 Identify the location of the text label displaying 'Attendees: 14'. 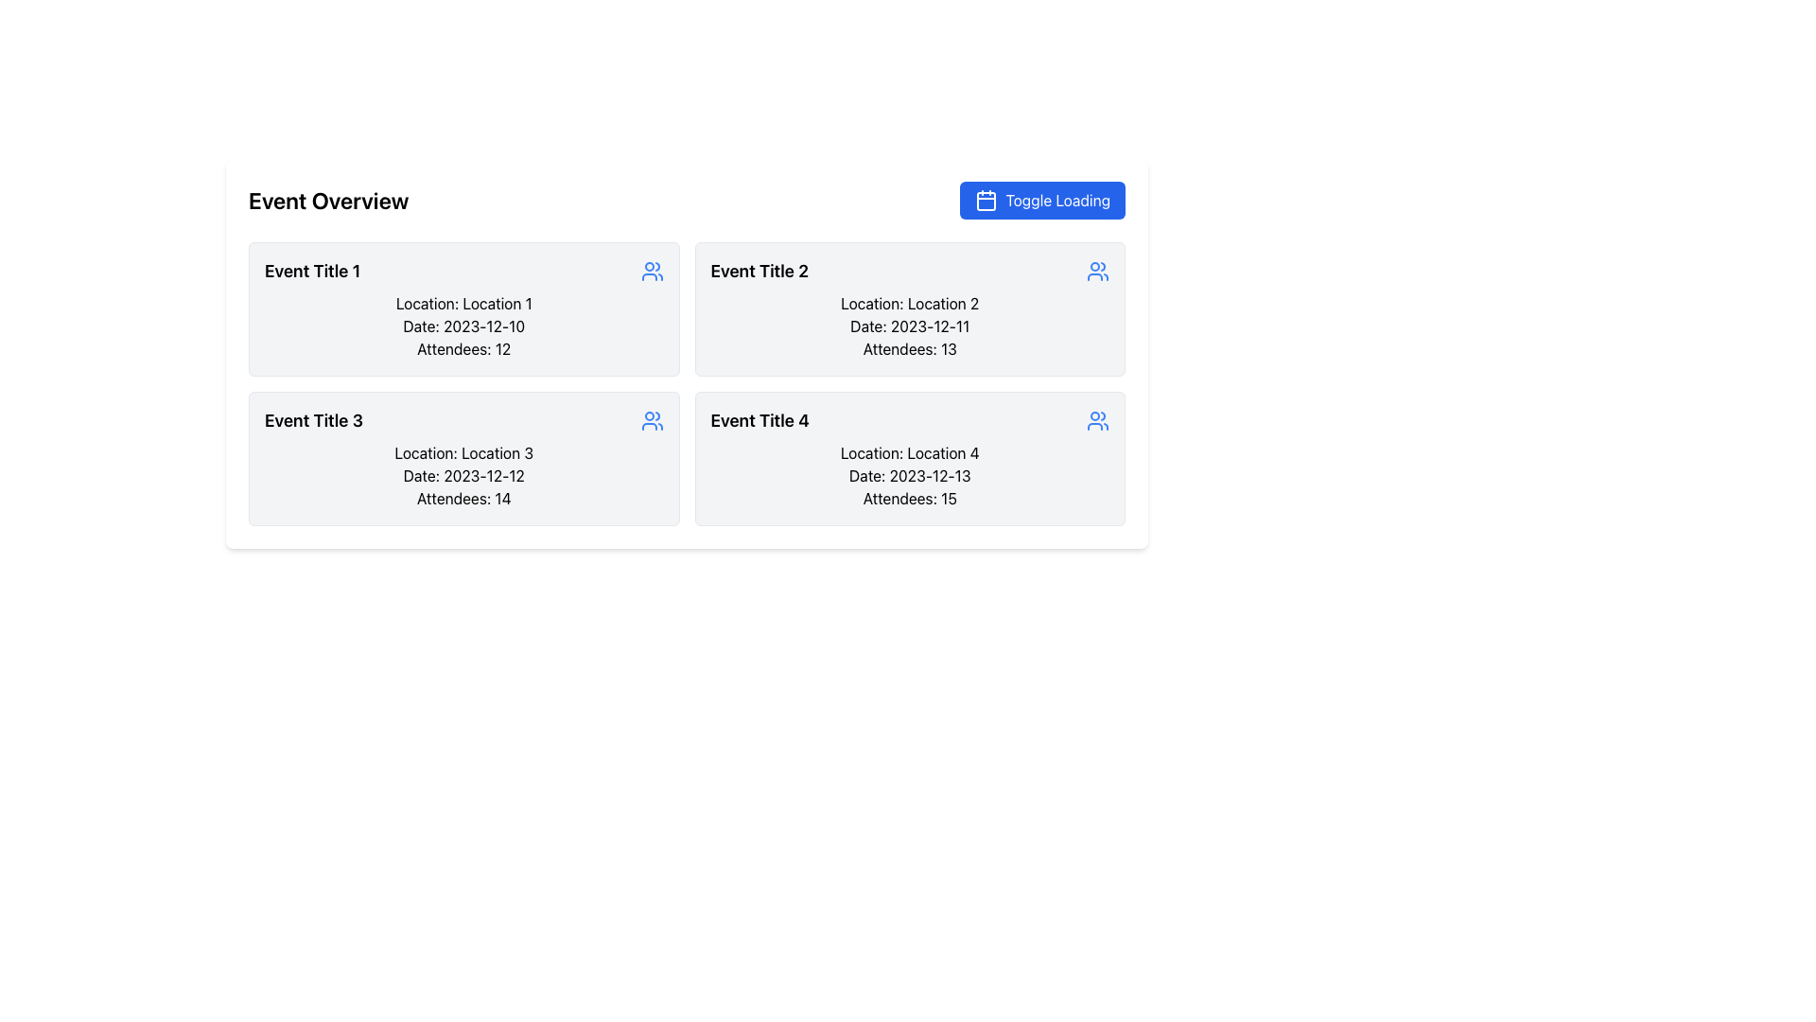
(463, 498).